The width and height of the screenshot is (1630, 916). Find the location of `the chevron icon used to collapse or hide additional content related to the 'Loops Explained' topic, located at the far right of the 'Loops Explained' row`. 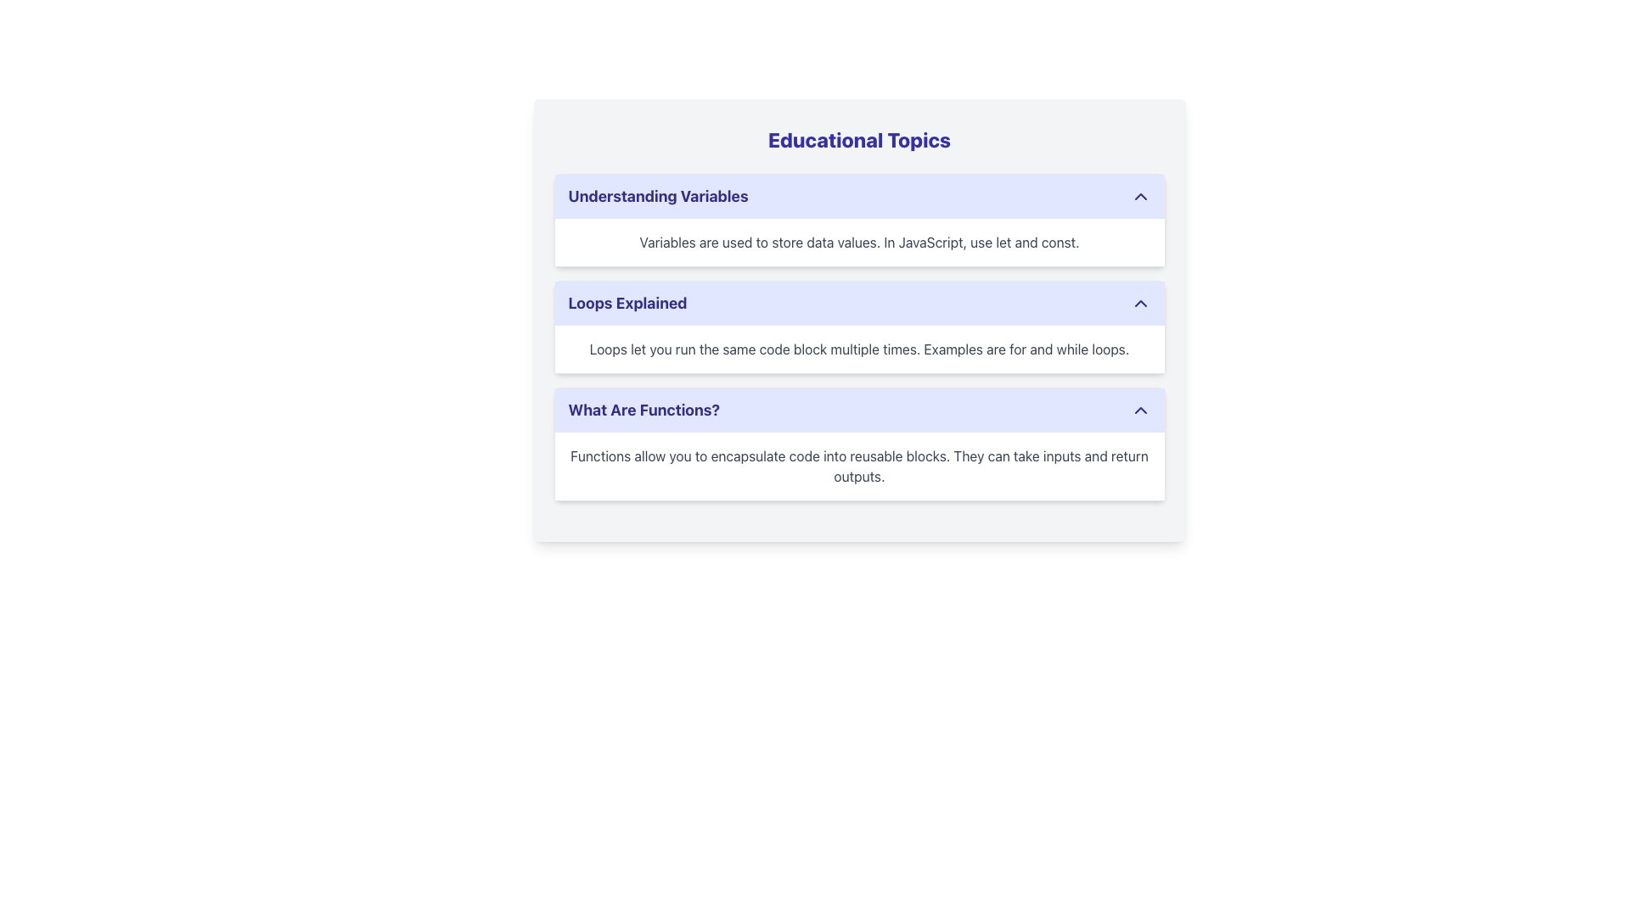

the chevron icon used to collapse or hide additional content related to the 'Loops Explained' topic, located at the far right of the 'Loops Explained' row is located at coordinates (1140, 303).